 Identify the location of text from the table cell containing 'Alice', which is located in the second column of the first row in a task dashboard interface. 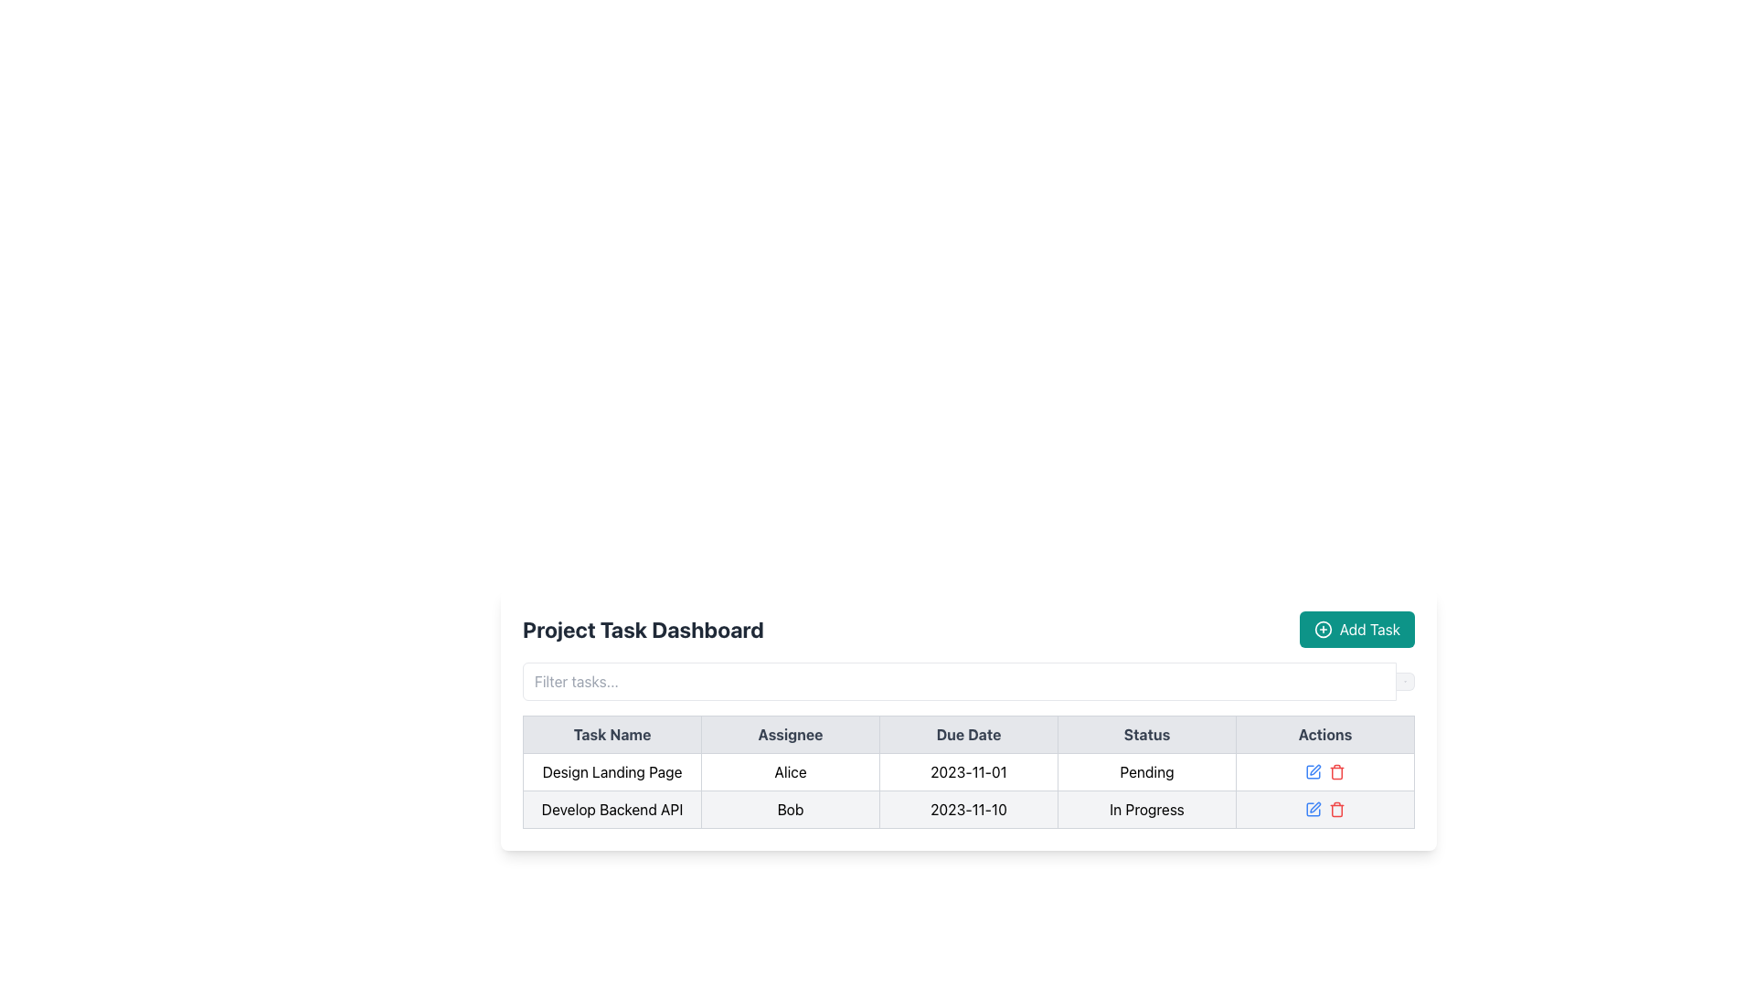
(790, 771).